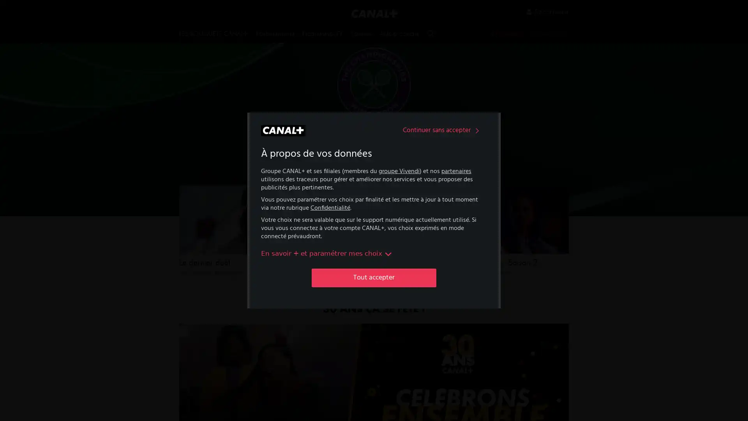 Image resolution: width=748 pixels, height=421 pixels. What do you see at coordinates (374, 162) in the screenshot?
I see `Gabon` at bounding box center [374, 162].